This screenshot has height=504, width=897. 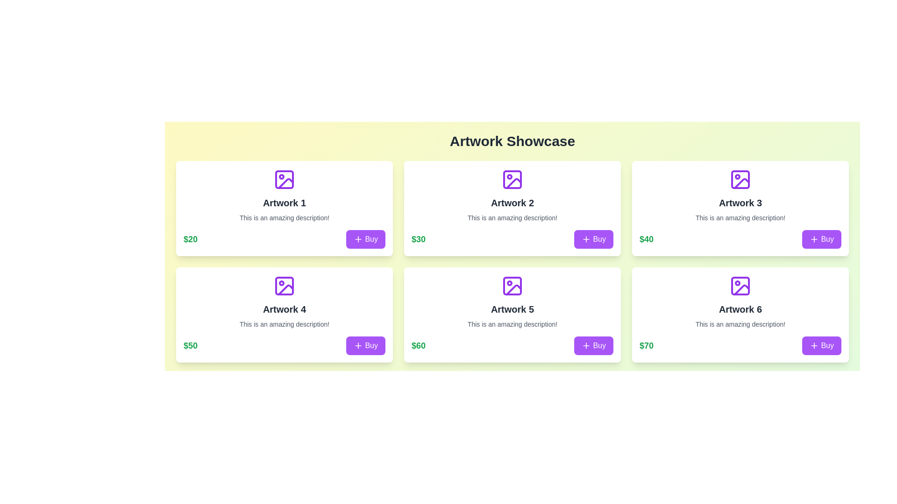 What do you see at coordinates (740, 286) in the screenshot?
I see `the purple icon representing a picture, located at the center-top of the card for 'Artwork 6', which features a square frame with curved corners` at bounding box center [740, 286].